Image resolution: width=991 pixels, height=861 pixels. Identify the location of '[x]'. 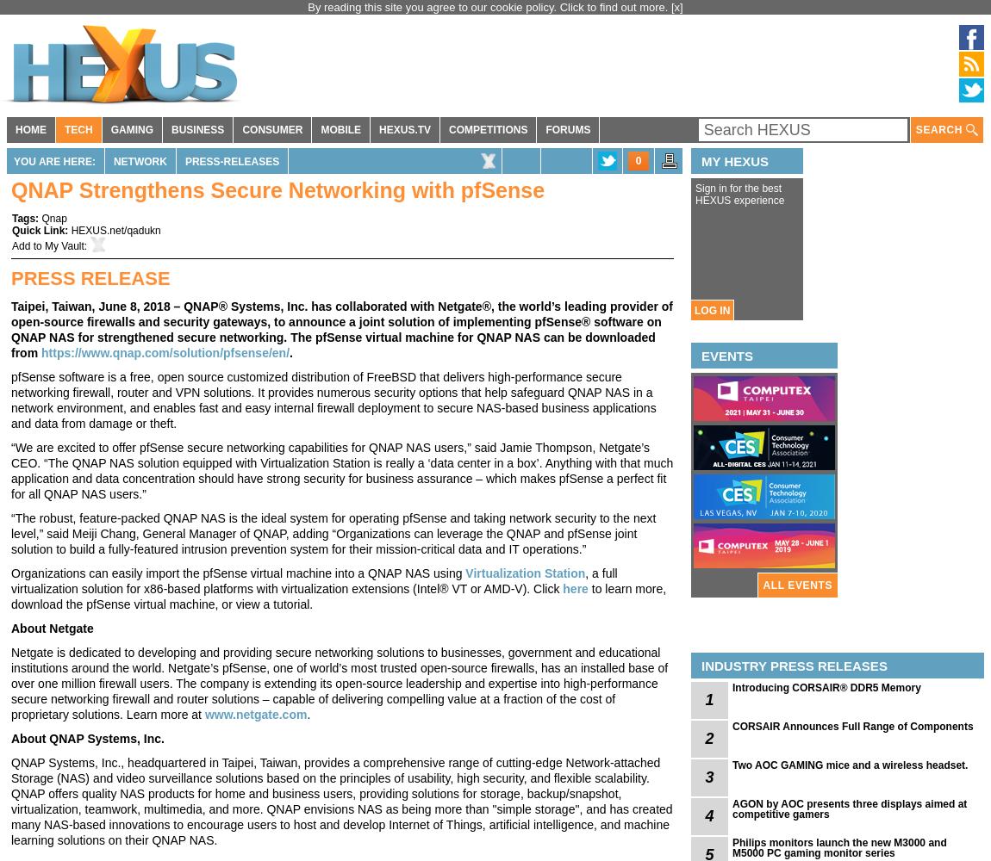
(676, 7).